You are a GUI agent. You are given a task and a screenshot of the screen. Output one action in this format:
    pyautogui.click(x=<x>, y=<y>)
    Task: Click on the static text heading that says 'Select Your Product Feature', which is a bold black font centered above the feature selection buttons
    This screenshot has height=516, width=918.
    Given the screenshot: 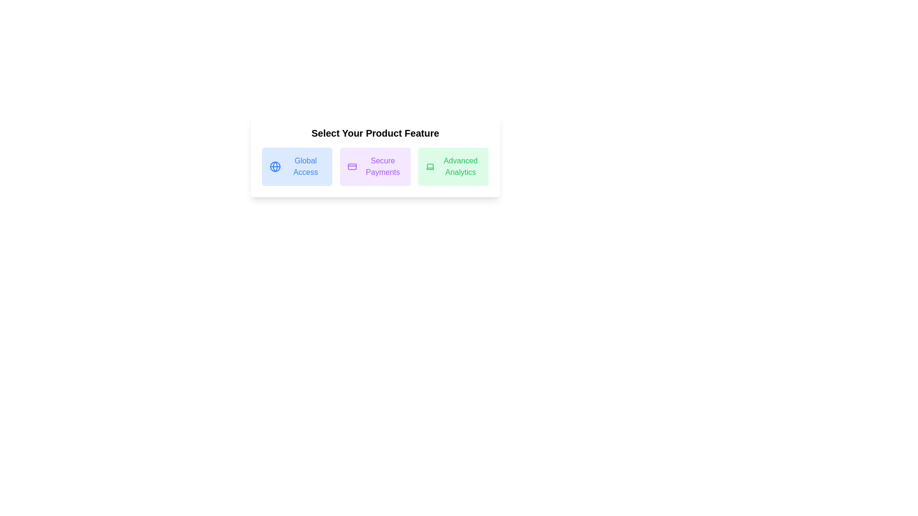 What is the action you would take?
    pyautogui.click(x=375, y=133)
    